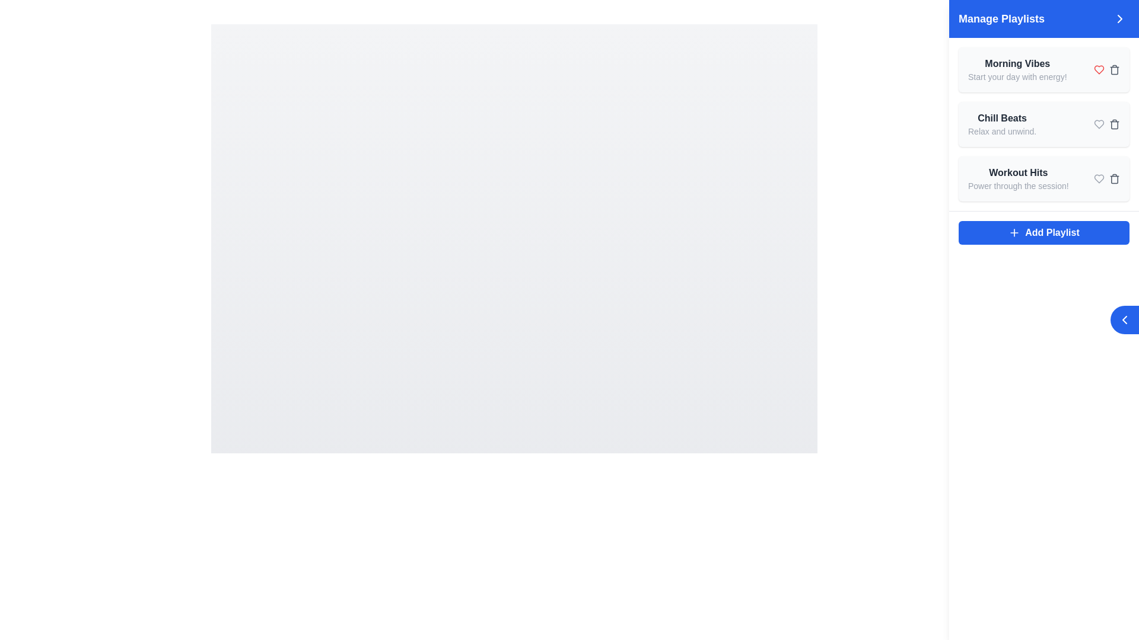  Describe the element at coordinates (1119, 18) in the screenshot. I see `the Icon button located in the top-right corner of the 'Manage Playlists' section, which is a blue rectangular button` at that location.